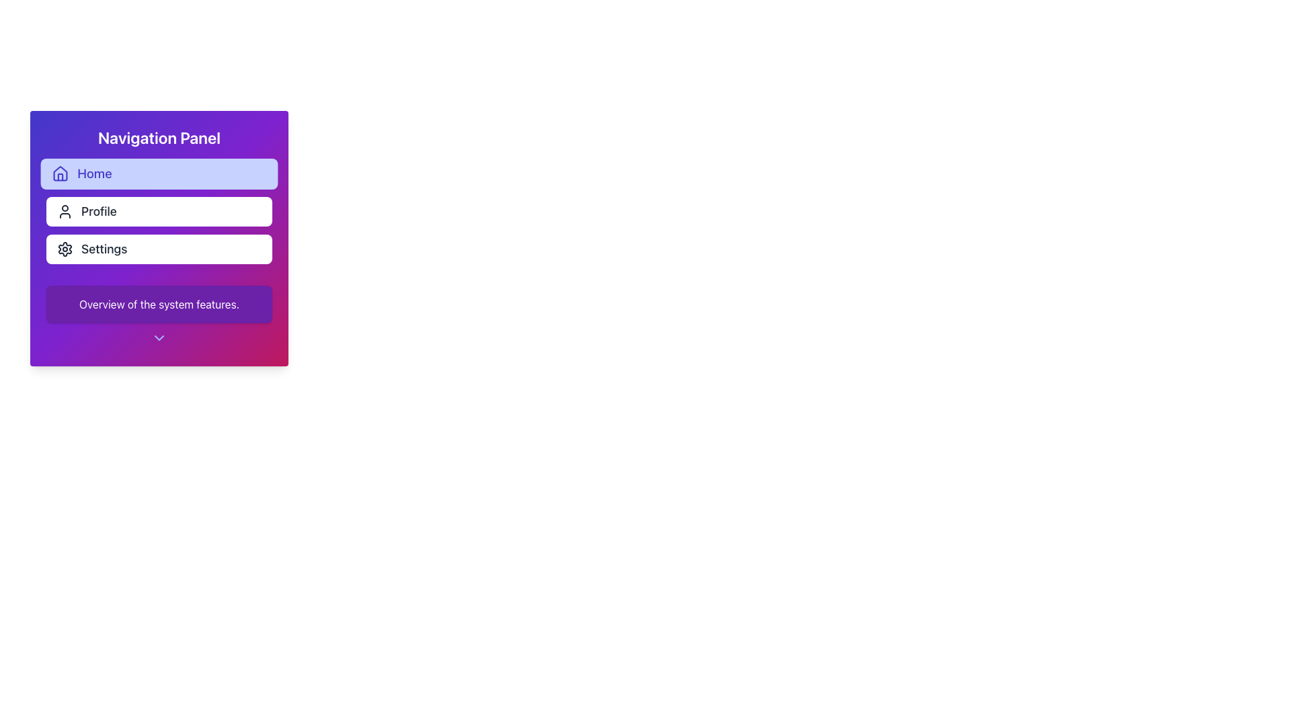 The width and height of the screenshot is (1291, 726). I want to click on the 'Profile' text label in the navigation panel, which indicates the option, so click(98, 212).